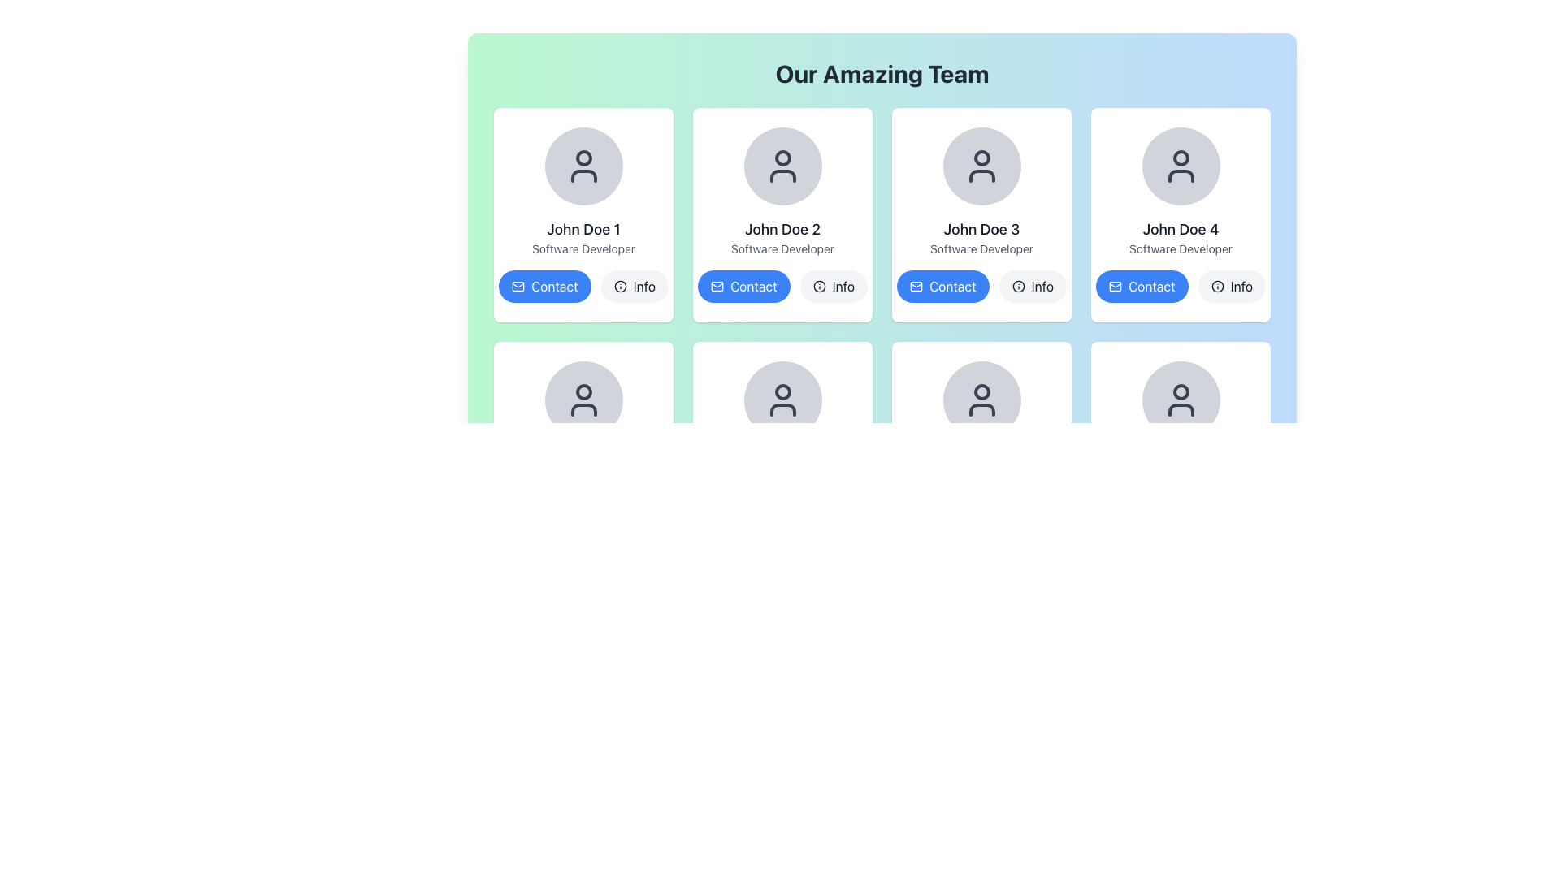 This screenshot has width=1560, height=877. What do you see at coordinates (782, 249) in the screenshot?
I see `the static text label that describes the role or title of the team member 'John Doe 2', located in the second card of the top row in the team member grid` at bounding box center [782, 249].